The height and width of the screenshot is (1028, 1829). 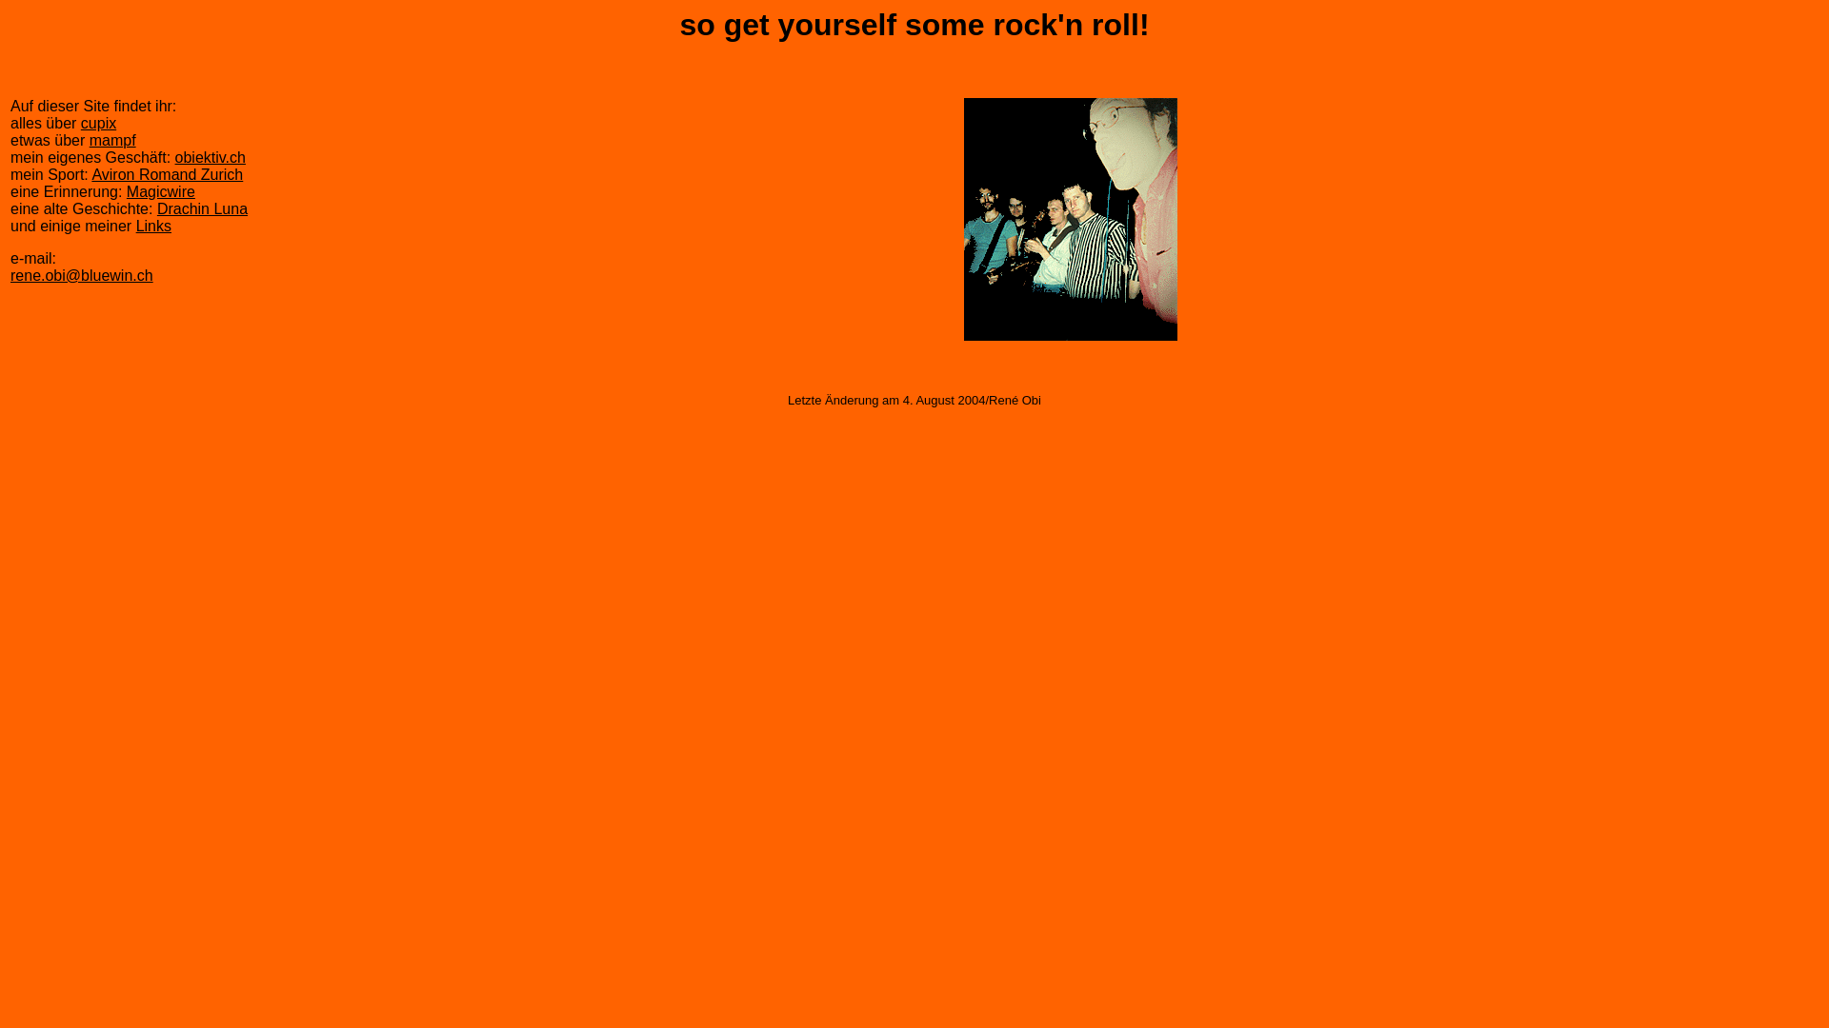 I want to click on 'Drachin Luna', so click(x=202, y=208).